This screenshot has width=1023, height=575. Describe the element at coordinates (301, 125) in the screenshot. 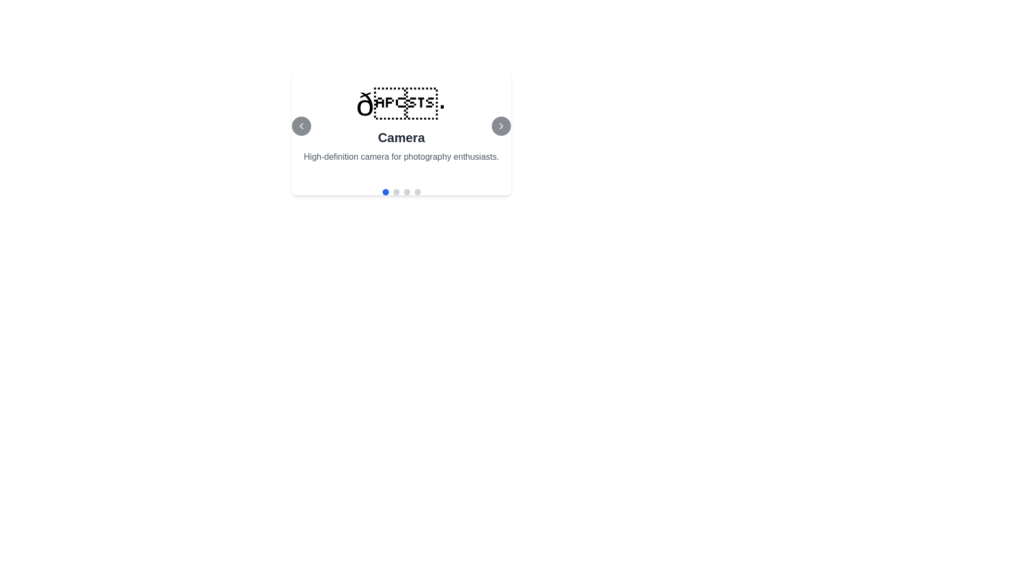

I see `the left navigation button in the carousel interface` at that location.